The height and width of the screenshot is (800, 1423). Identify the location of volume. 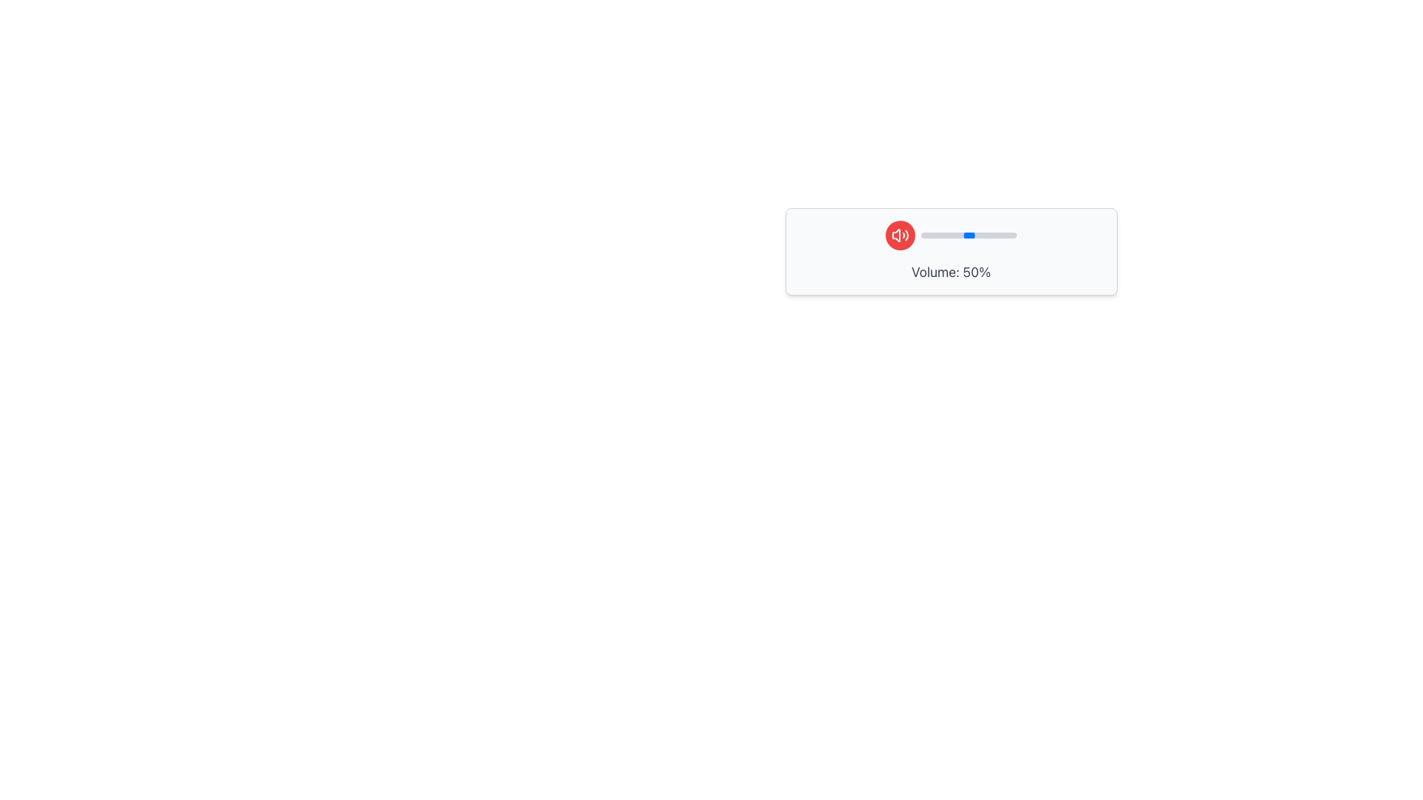
(969, 234).